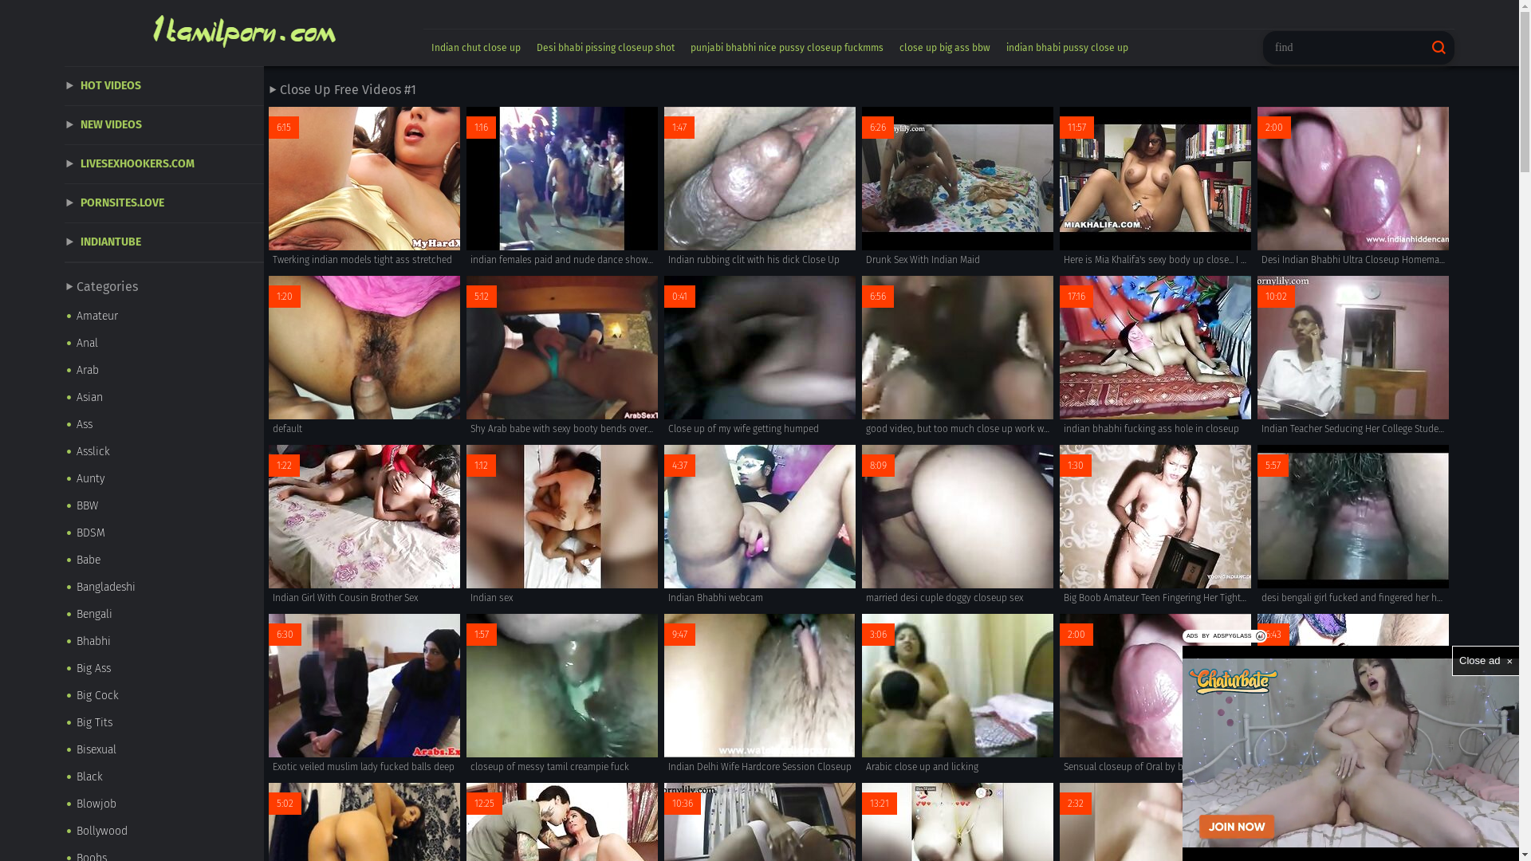 This screenshot has height=861, width=1531. I want to click on 'NEW VIDEOS', so click(164, 124).